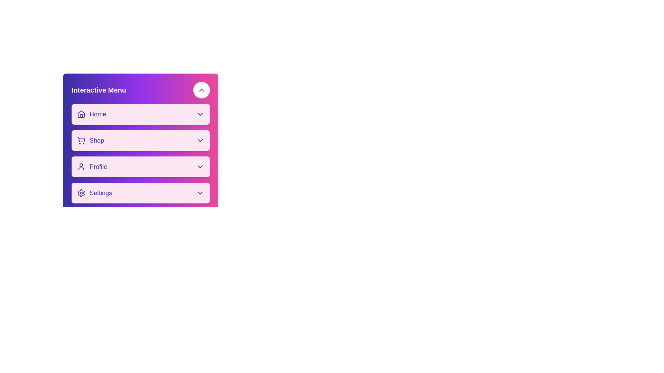 The width and height of the screenshot is (664, 373). Describe the element at coordinates (81, 166) in the screenshot. I see `the user icon representing the 'Profile' section` at that location.